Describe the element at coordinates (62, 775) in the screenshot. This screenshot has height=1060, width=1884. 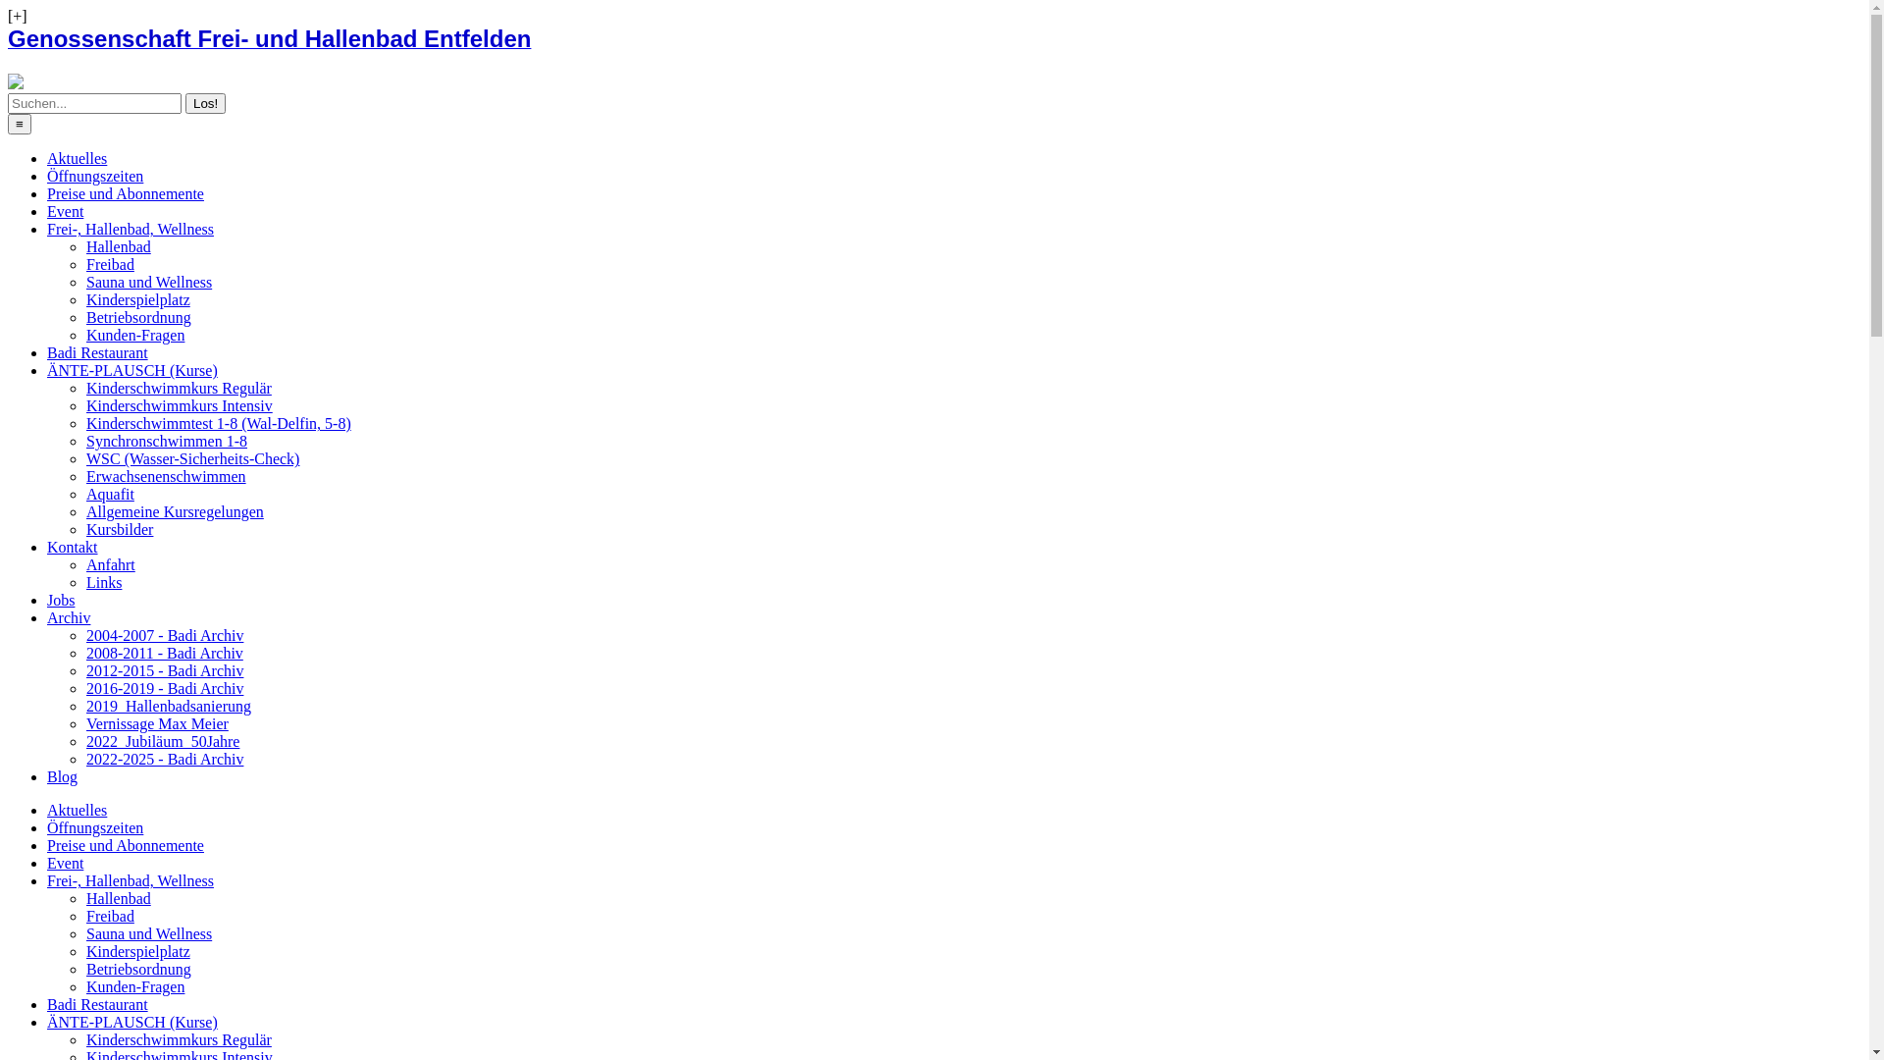
I see `'Blog'` at that location.